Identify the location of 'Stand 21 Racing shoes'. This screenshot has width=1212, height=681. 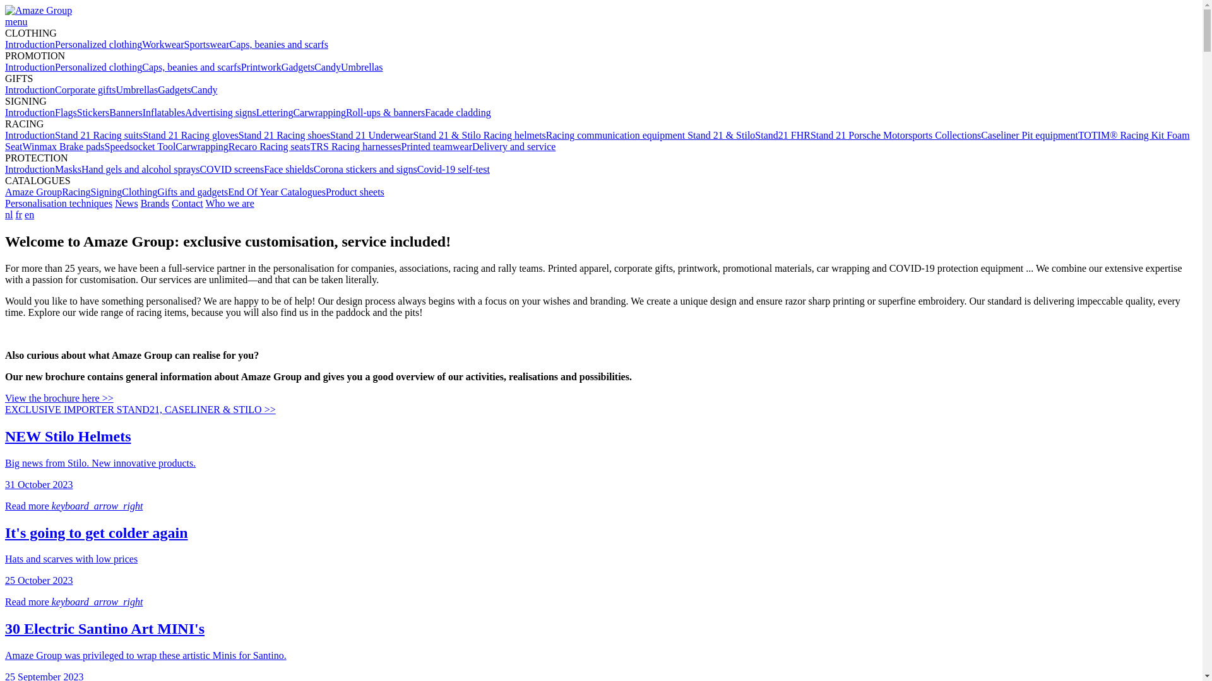
(239, 135).